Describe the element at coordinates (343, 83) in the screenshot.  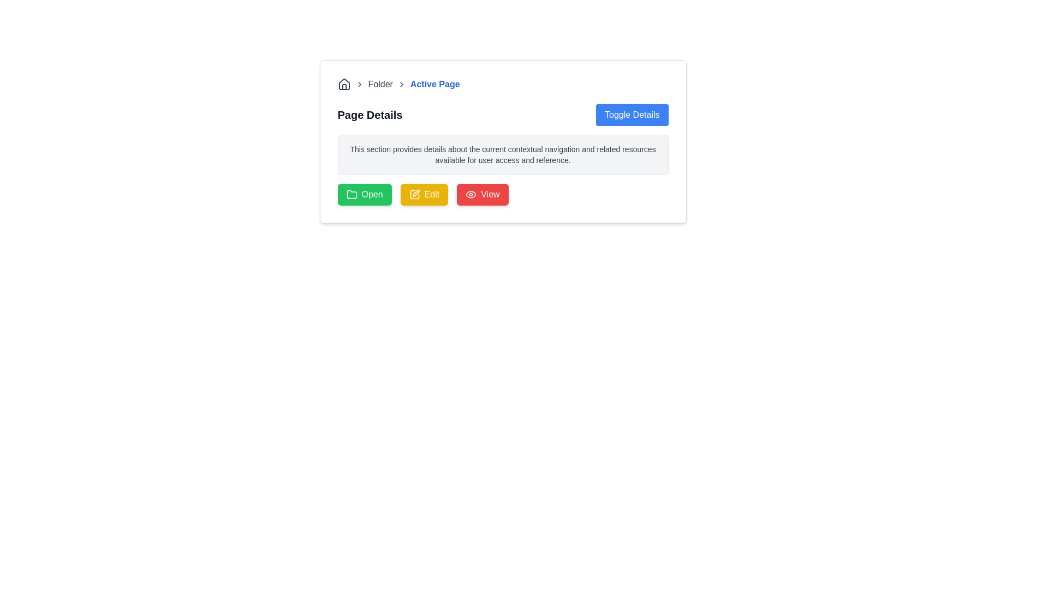
I see `the homepage icon located in the breadcrumb navigation bar at the top left of the content area` at that location.